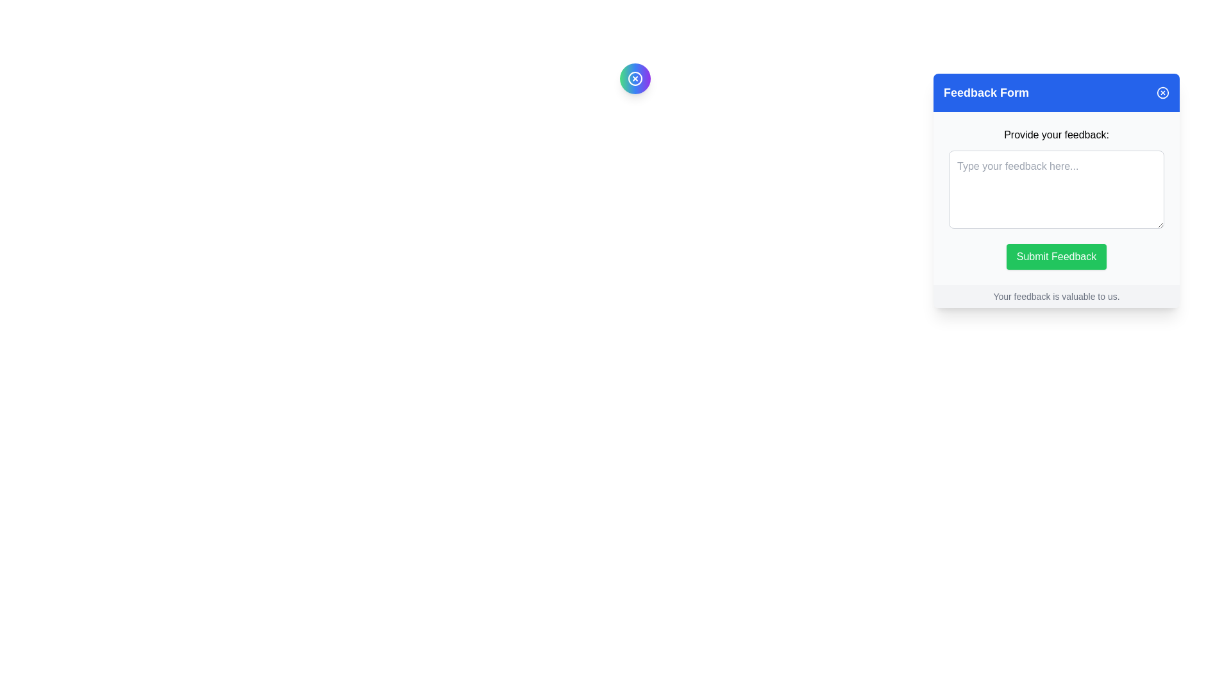 The image size is (1231, 692). I want to click on the blue banner at the top of the form interface that reads 'Feedback Form' with rounded corners, so click(1056, 92).